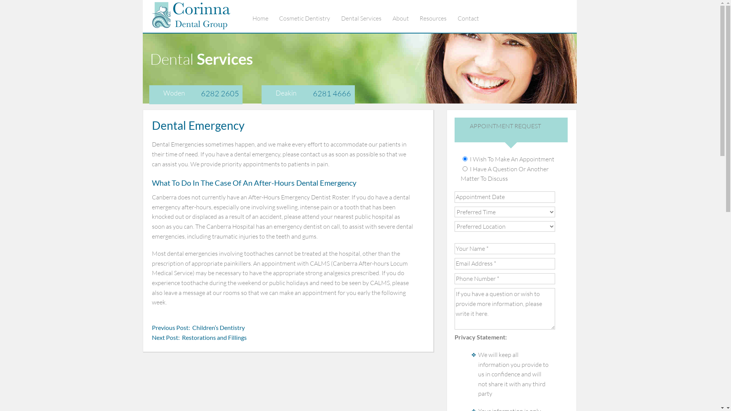 This screenshot has height=411, width=731. Describe the element at coordinates (366, 18) in the screenshot. I see `'Dental Services'` at that location.